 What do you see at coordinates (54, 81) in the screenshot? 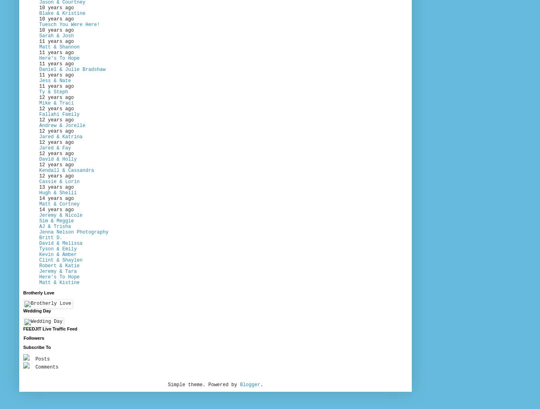
I see `'Jess & Nate'` at bounding box center [54, 81].